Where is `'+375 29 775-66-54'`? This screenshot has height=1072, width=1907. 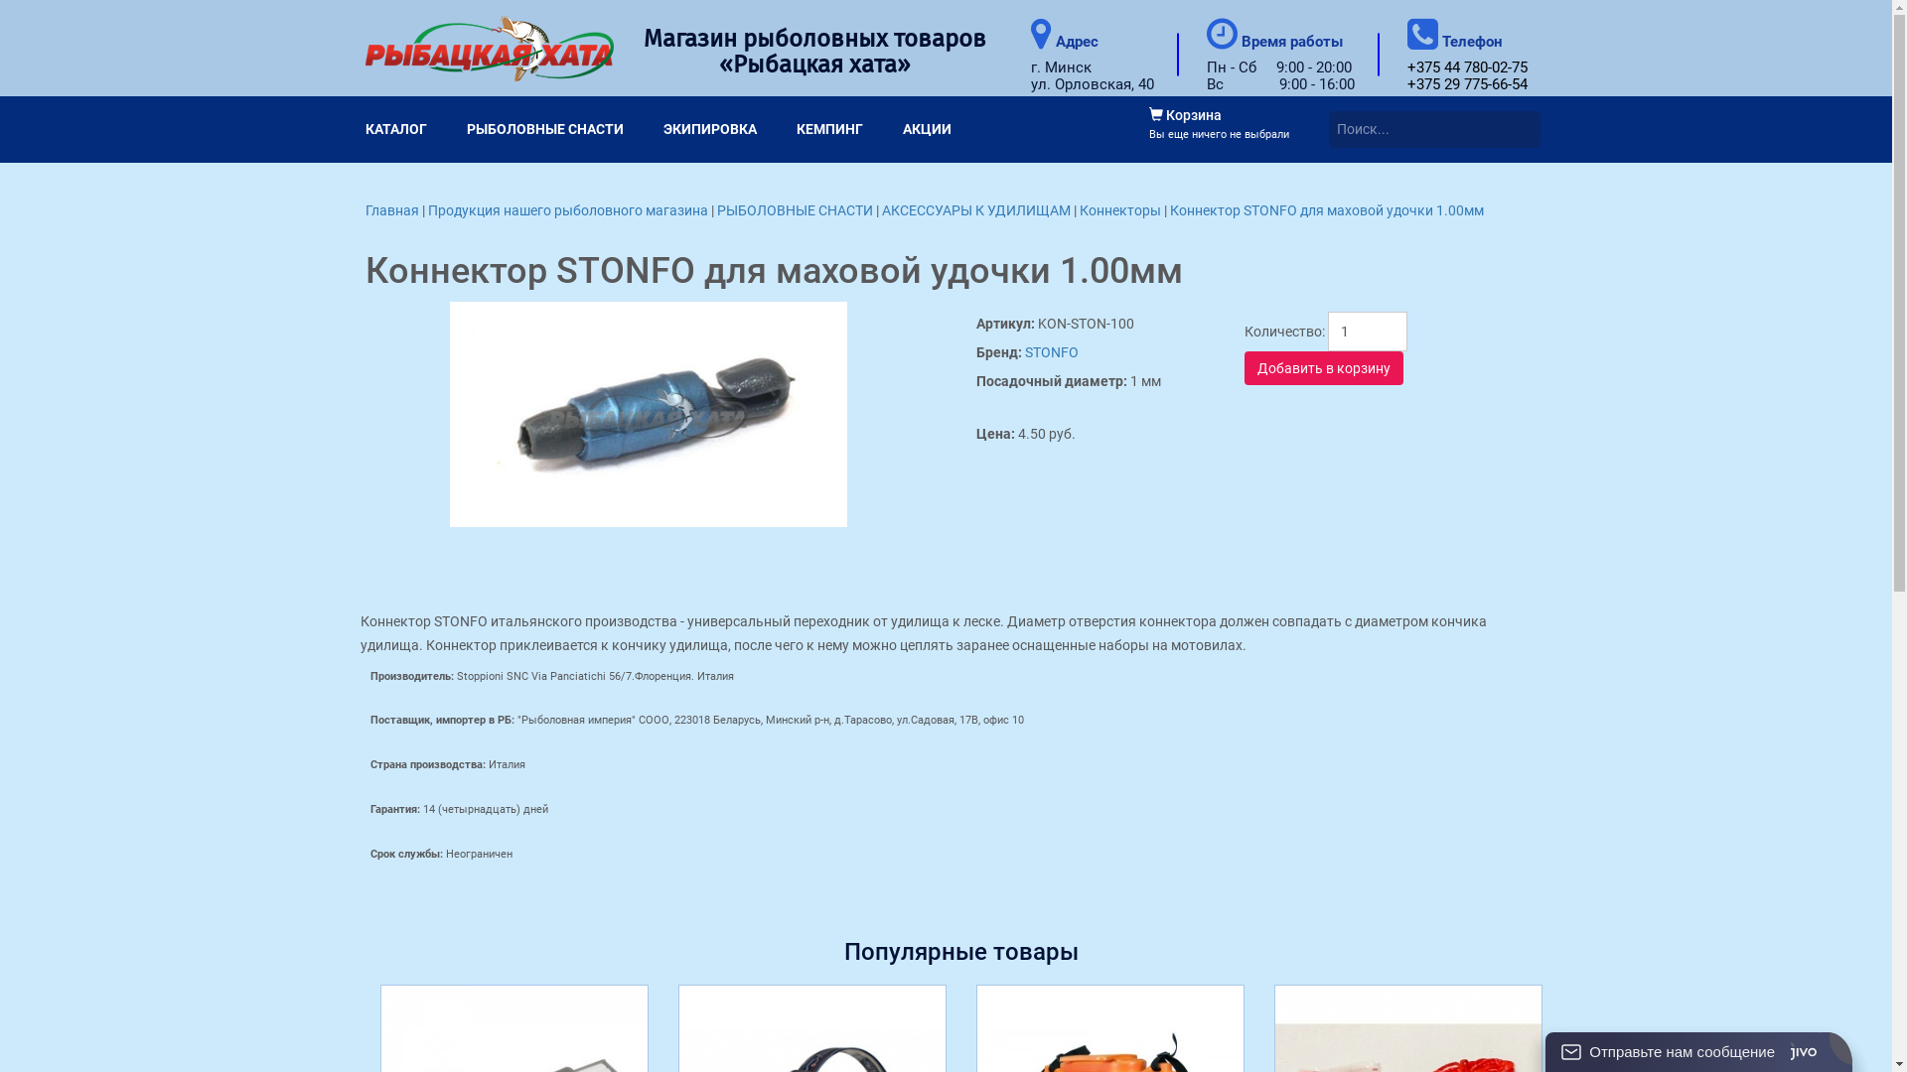 '+375 29 775-66-54' is located at coordinates (1405, 82).